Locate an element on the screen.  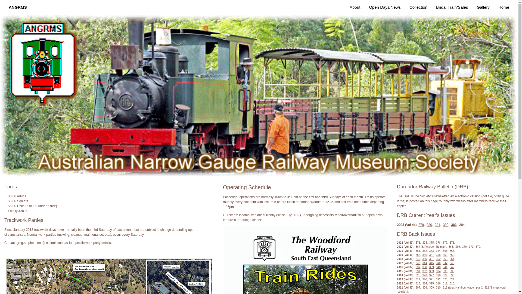
'340' is located at coordinates (436, 267).